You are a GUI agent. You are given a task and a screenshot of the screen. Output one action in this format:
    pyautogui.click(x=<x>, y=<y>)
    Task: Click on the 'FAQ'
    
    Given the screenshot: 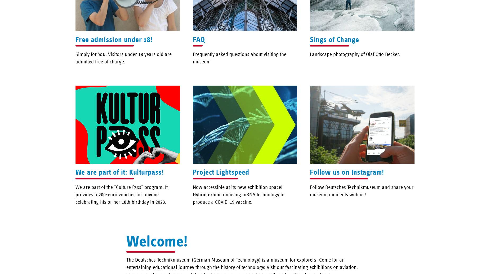 What is the action you would take?
    pyautogui.click(x=193, y=39)
    